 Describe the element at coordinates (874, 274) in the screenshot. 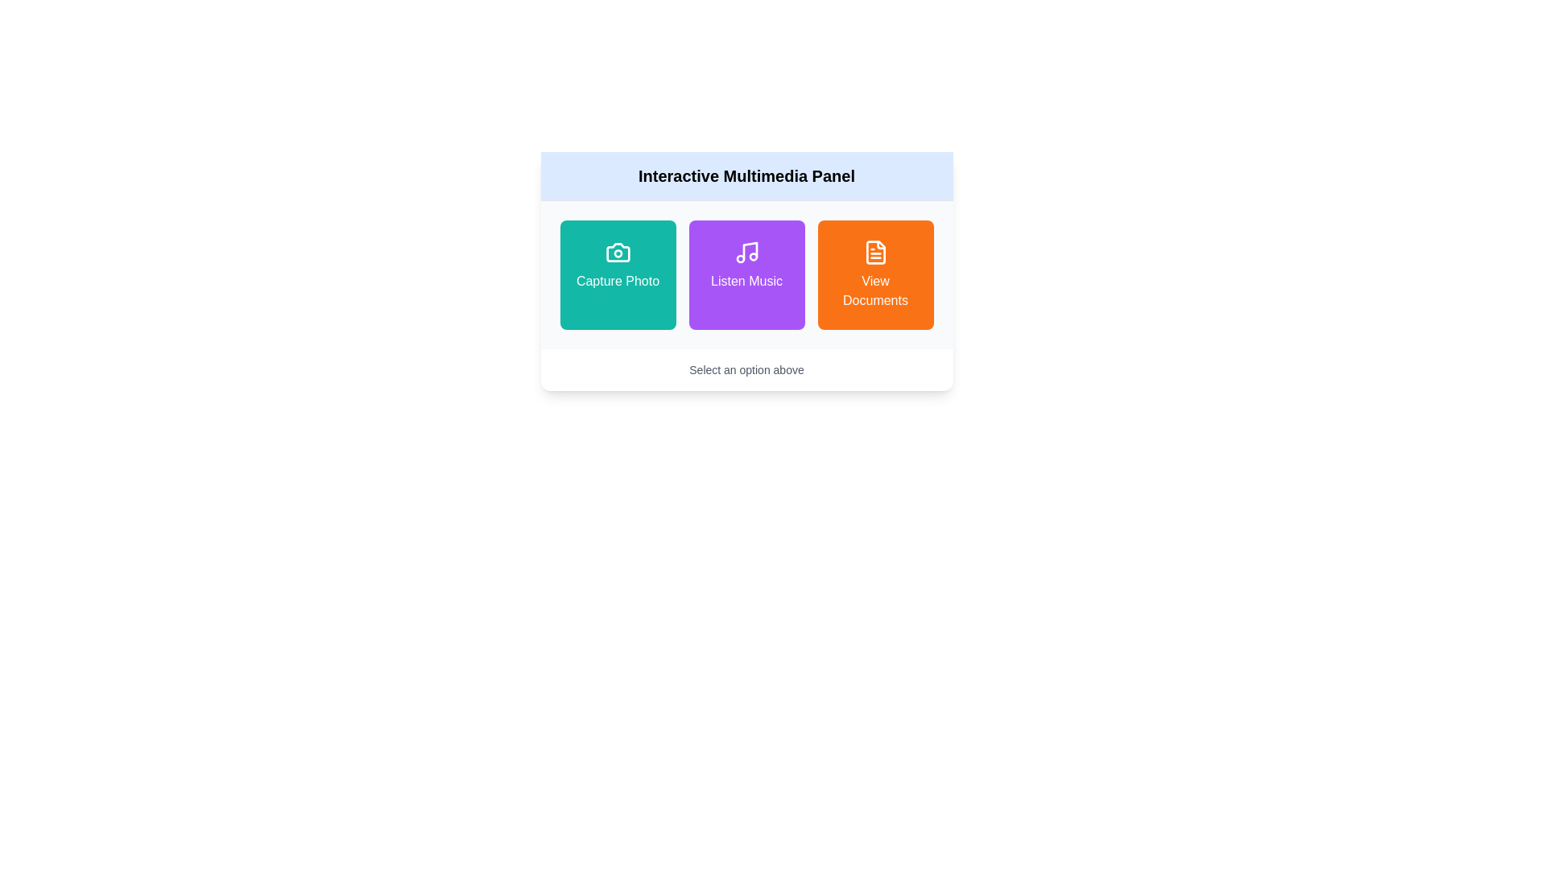

I see `the 'View Documents' button, which is the third button in a row of three buttons beneath the 'Interactive Multimedia Panel' header` at that location.